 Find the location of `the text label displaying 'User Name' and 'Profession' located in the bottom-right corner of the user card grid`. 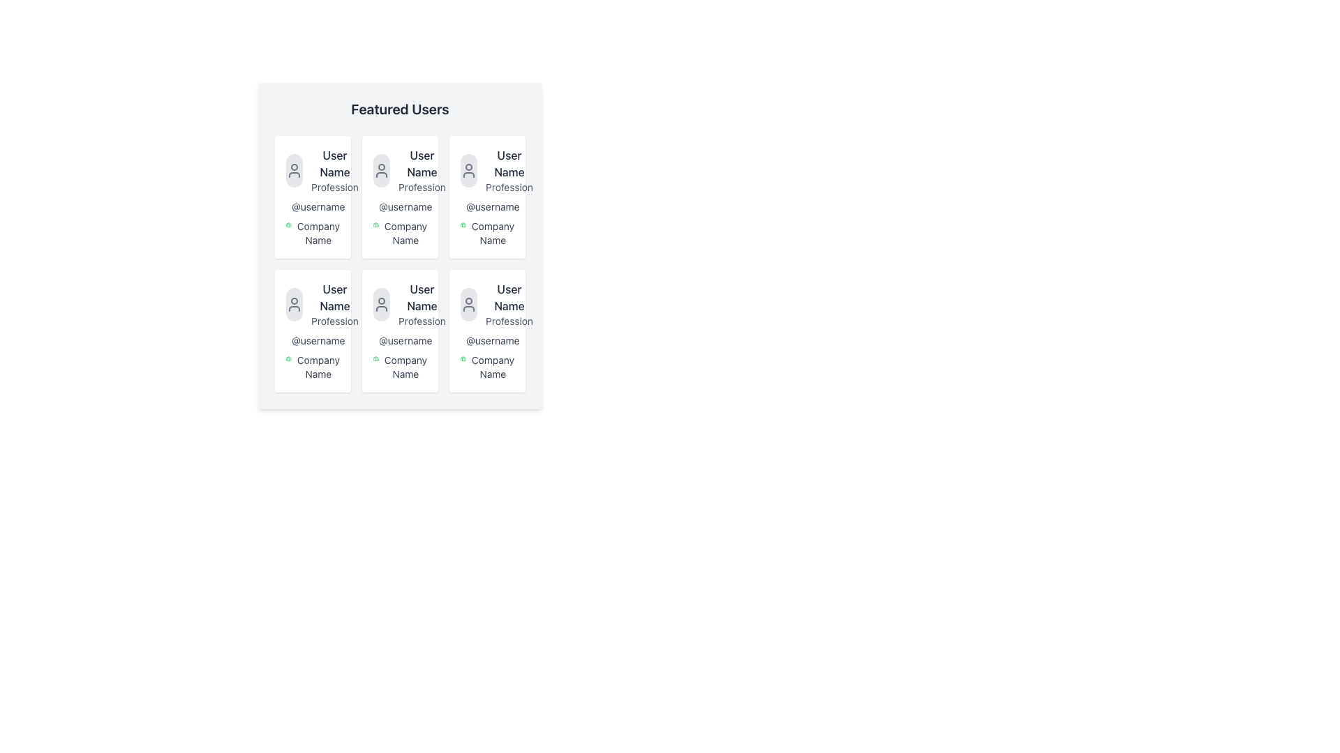

the text label displaying 'User Name' and 'Profession' located in the bottom-right corner of the user card grid is located at coordinates (508, 303).